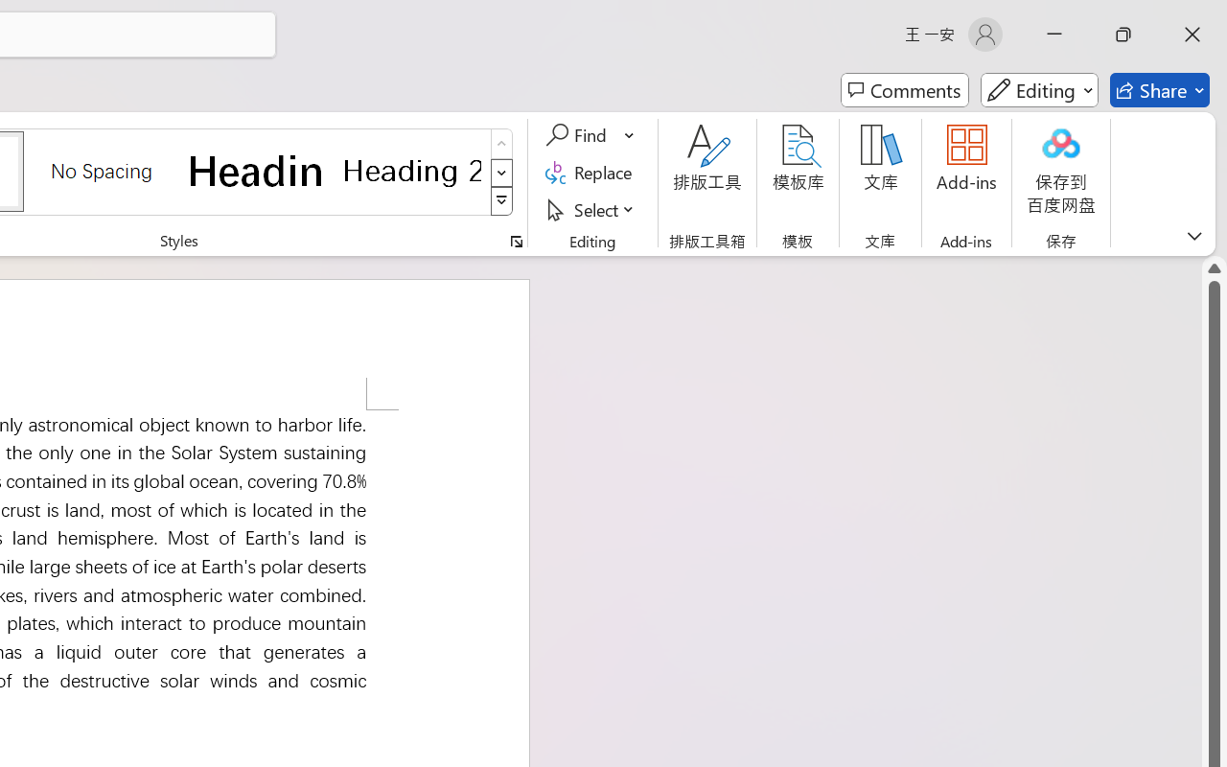  I want to click on 'Select', so click(591, 209).